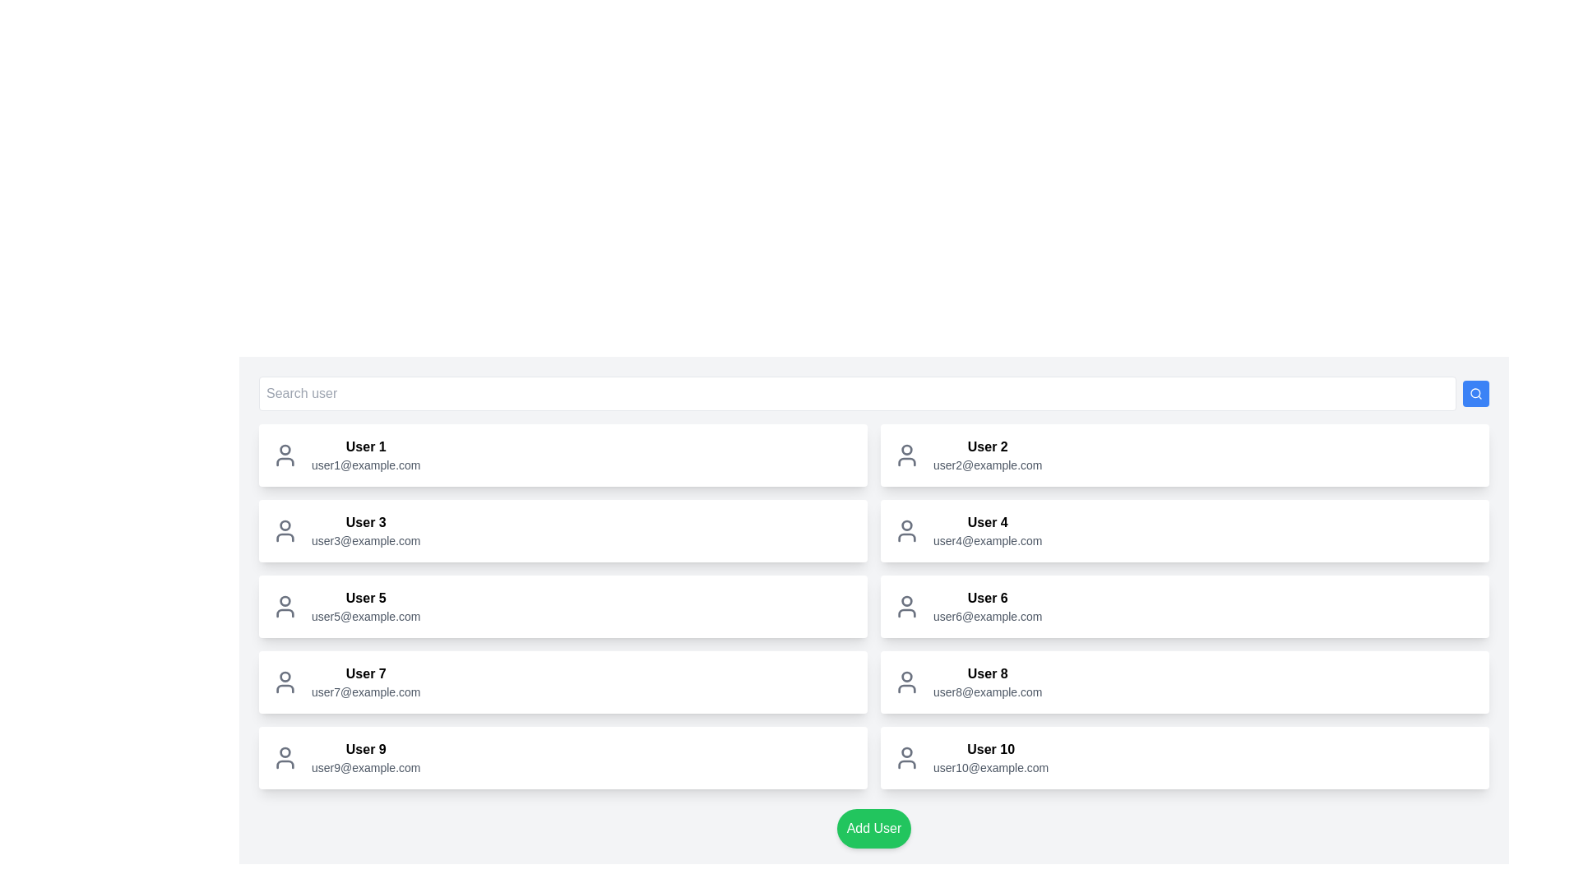 This screenshot has width=1579, height=888. Describe the element at coordinates (1184, 530) in the screenshot. I see `the user profile card for 'User 4'` at that location.